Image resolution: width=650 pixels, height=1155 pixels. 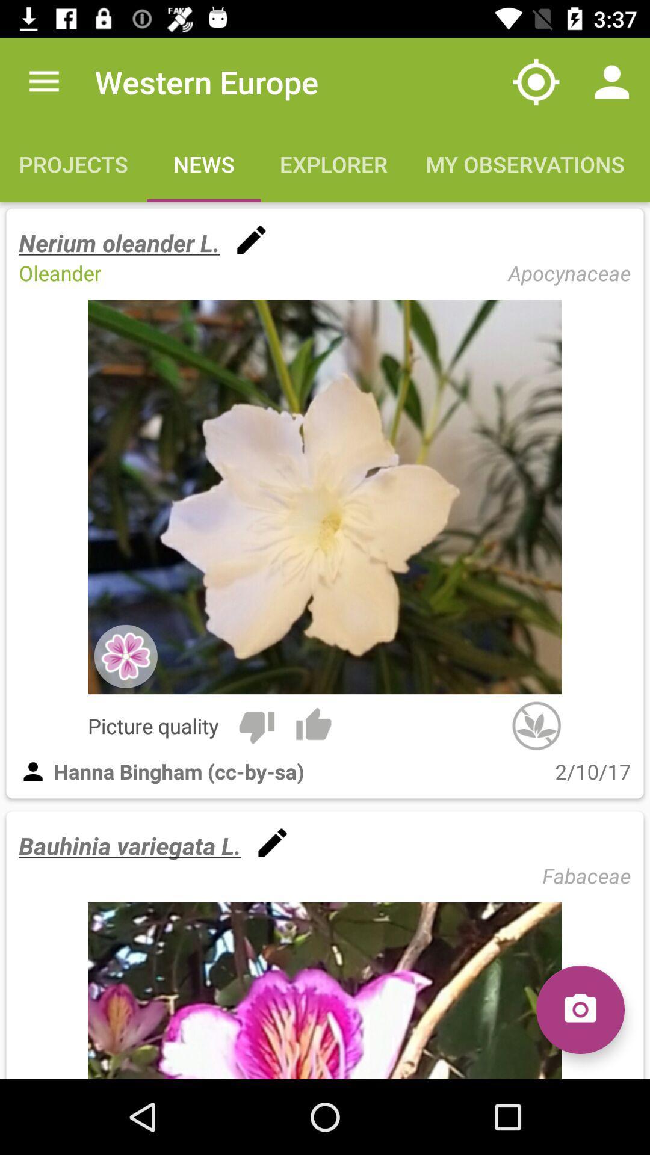 I want to click on the item to the right of picture quality, so click(x=256, y=725).